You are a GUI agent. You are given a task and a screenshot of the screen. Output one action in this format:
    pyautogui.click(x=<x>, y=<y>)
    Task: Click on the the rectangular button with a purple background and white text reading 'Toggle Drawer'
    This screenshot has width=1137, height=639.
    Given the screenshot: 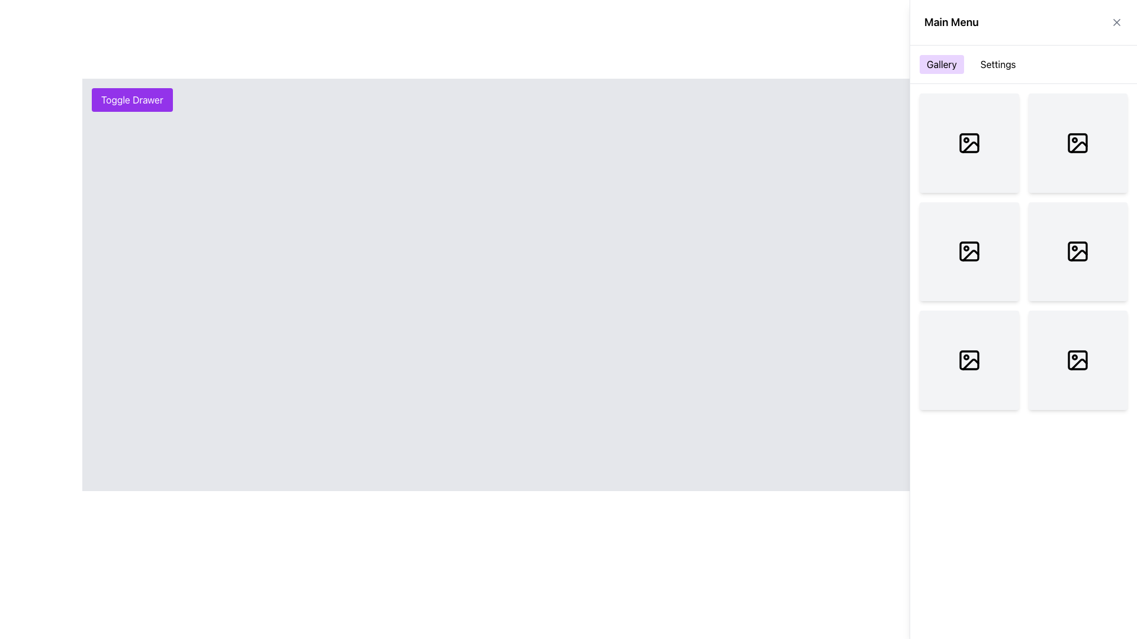 What is the action you would take?
    pyautogui.click(x=132, y=99)
    